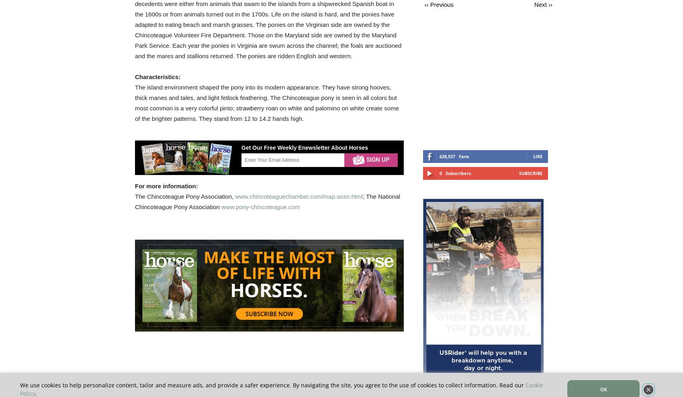 Image resolution: width=683 pixels, height=397 pixels. What do you see at coordinates (530, 173) in the screenshot?
I see `'Subscribe'` at bounding box center [530, 173].